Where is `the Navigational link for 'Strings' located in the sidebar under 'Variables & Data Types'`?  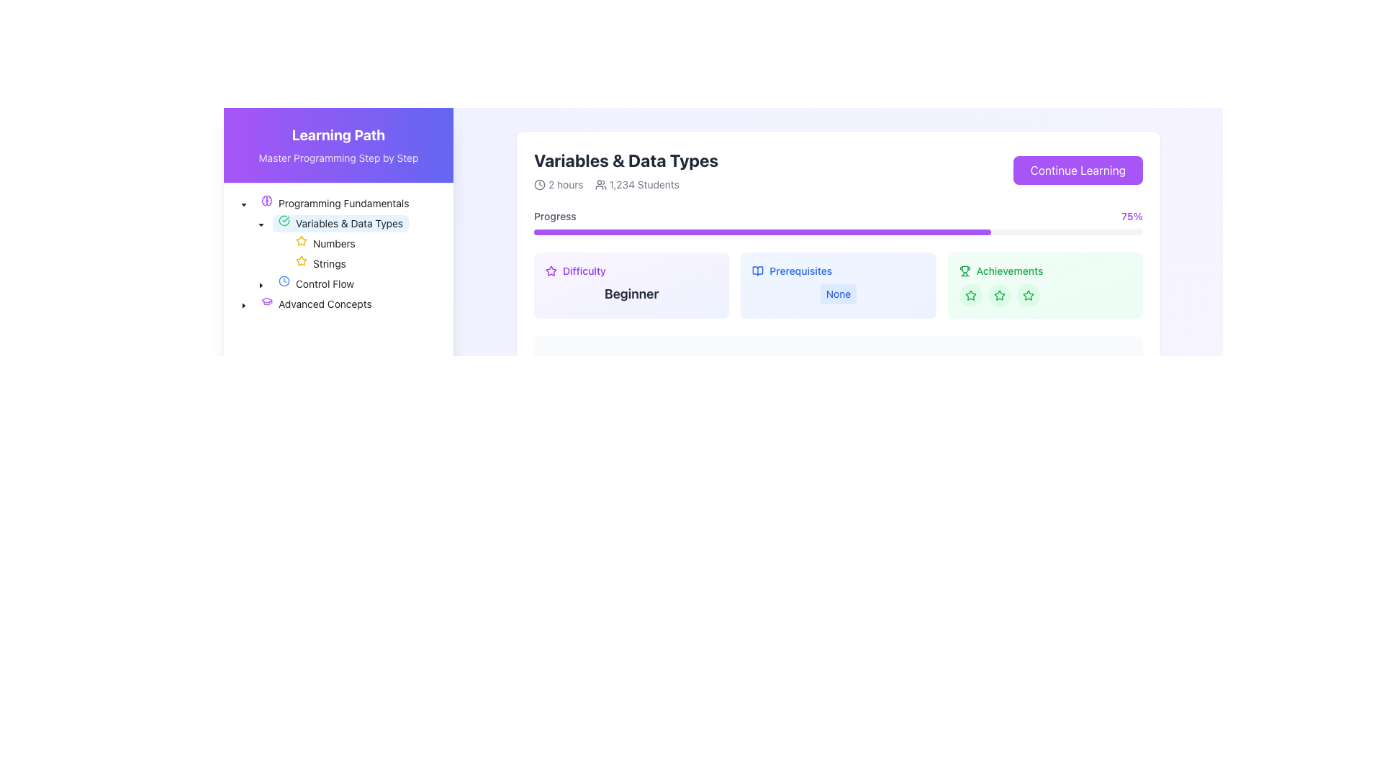
the Navigational link for 'Strings' located in the sidebar under 'Variables & Data Types' is located at coordinates (320, 263).